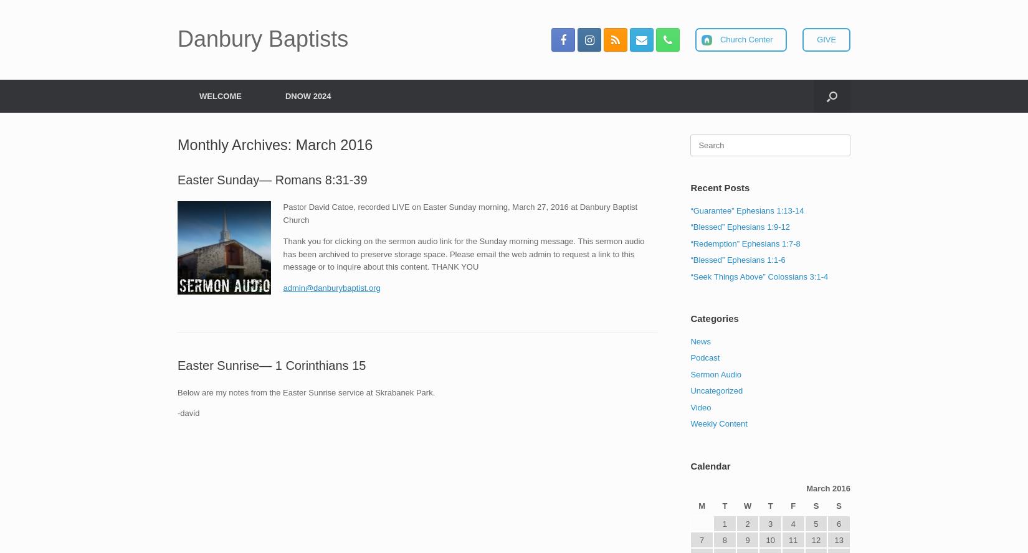 The width and height of the screenshot is (1028, 553). Describe the element at coordinates (207, 125) in the screenshot. I see `'About Us'` at that location.